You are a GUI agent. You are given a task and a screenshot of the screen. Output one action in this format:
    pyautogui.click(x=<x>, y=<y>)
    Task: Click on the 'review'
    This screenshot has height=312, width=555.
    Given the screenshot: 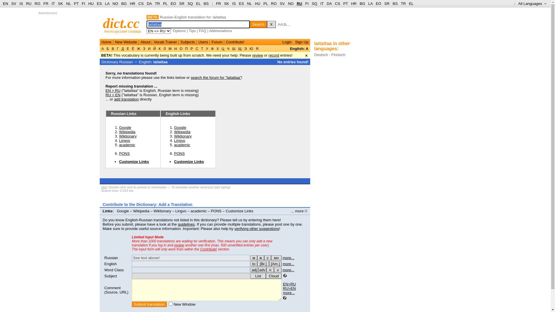 What is the action you would take?
    pyautogui.click(x=179, y=245)
    